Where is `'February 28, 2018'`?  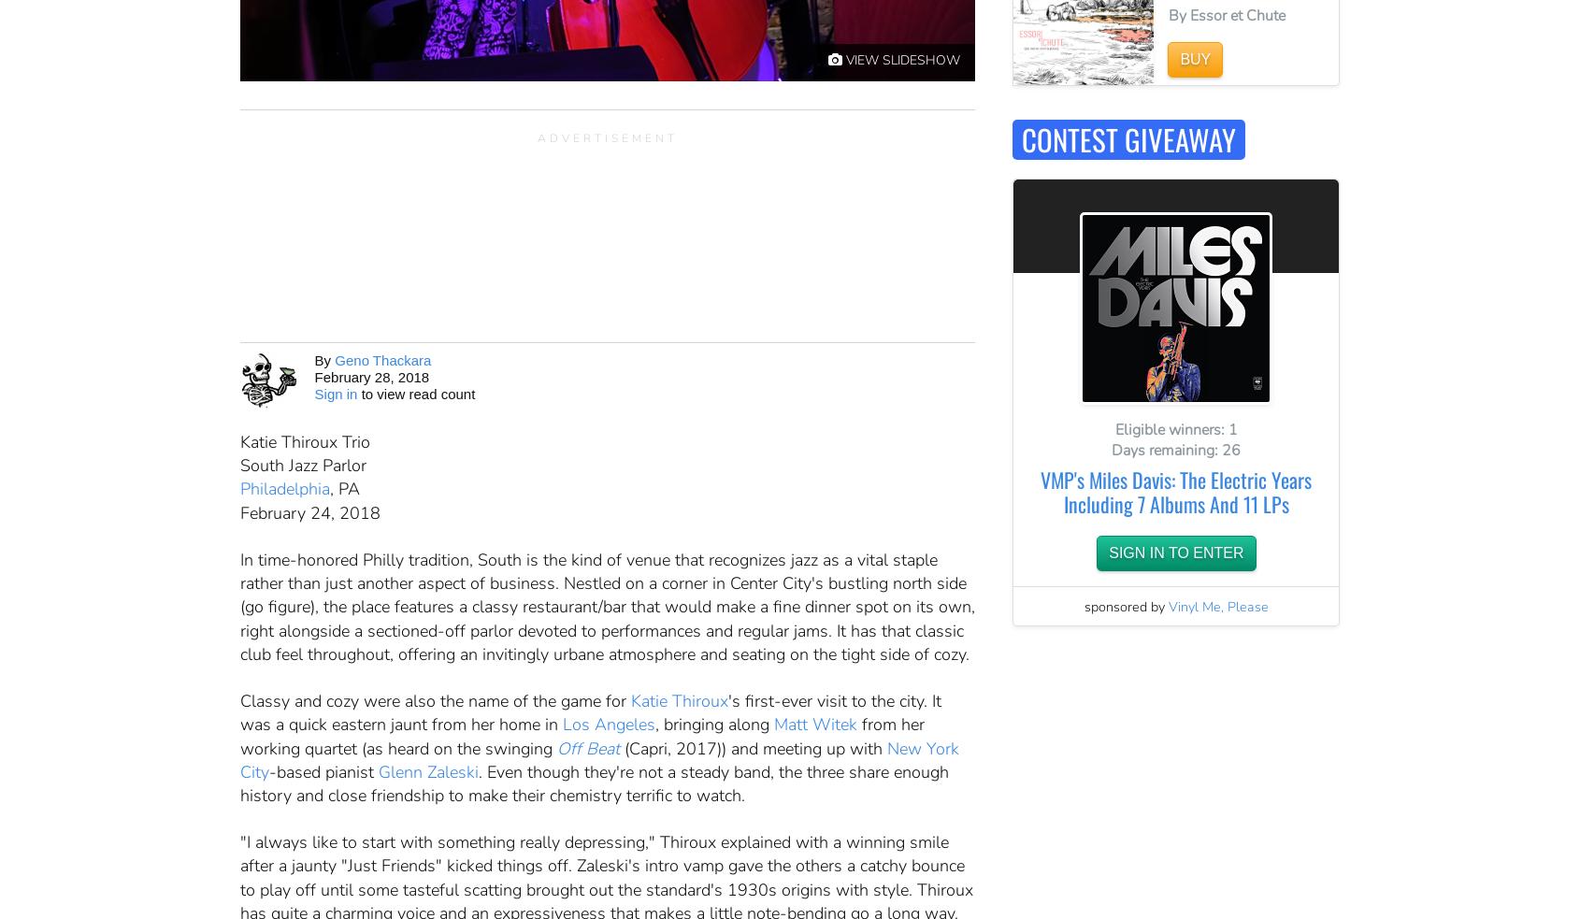 'February 28, 2018' is located at coordinates (370, 376).